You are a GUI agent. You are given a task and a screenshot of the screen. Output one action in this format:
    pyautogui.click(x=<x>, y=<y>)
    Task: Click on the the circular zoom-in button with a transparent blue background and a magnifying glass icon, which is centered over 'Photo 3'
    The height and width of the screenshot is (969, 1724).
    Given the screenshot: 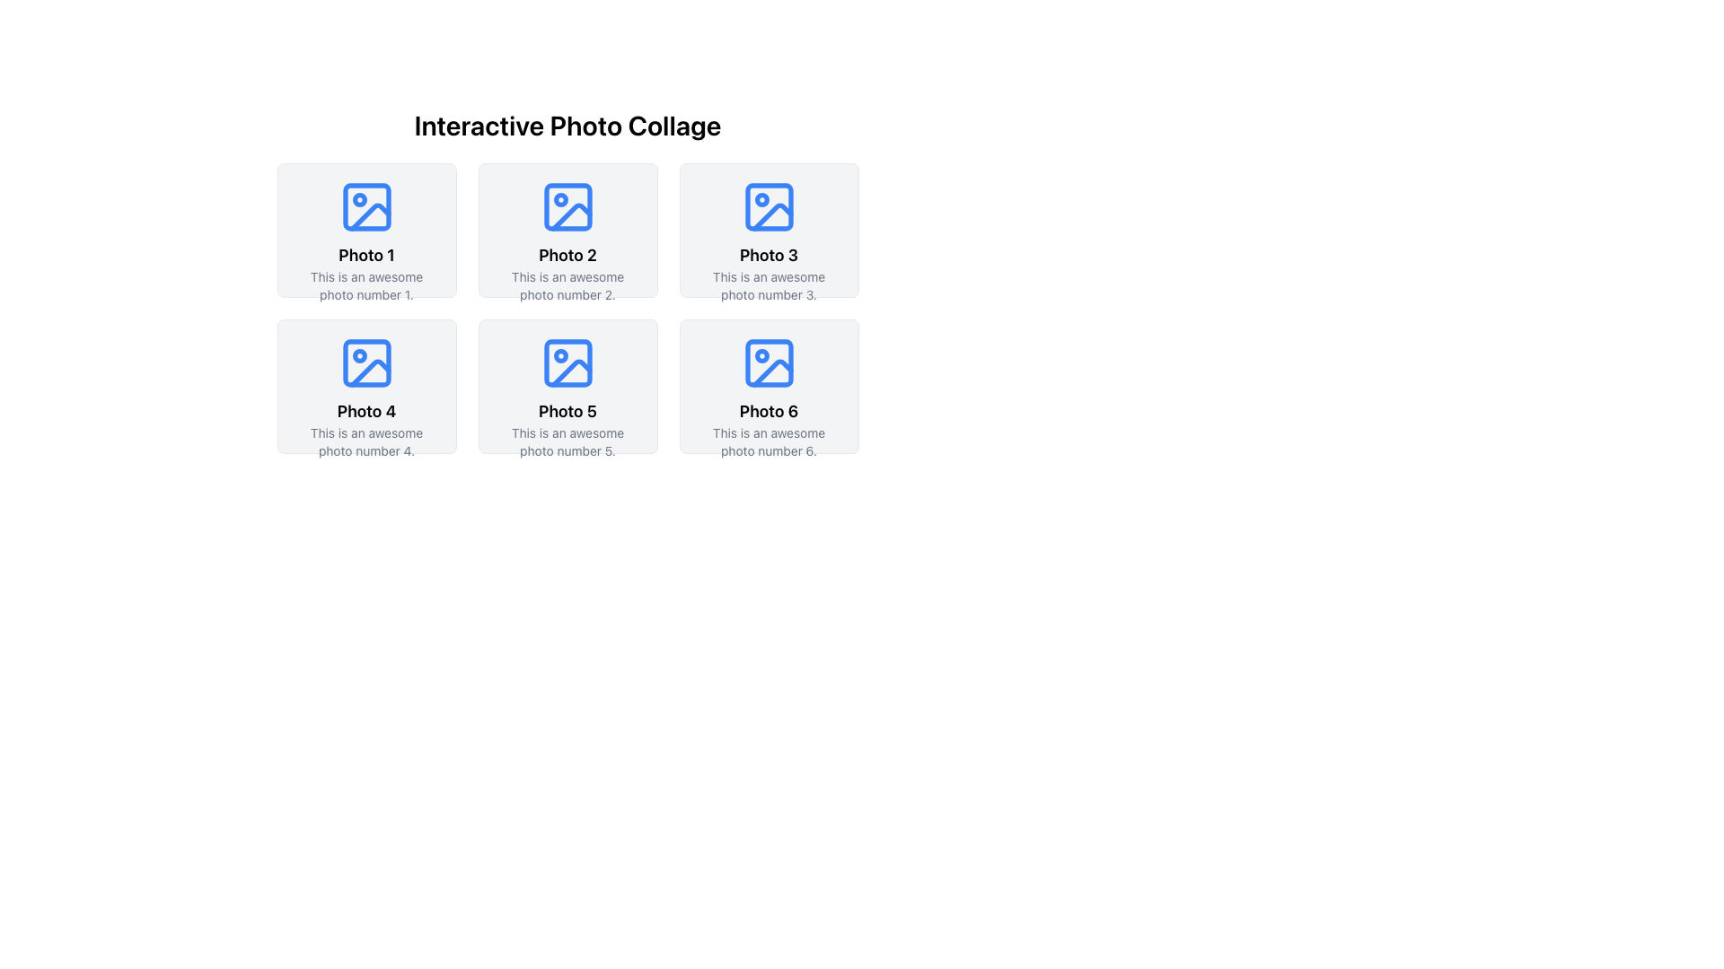 What is the action you would take?
    pyautogui.click(x=769, y=230)
    